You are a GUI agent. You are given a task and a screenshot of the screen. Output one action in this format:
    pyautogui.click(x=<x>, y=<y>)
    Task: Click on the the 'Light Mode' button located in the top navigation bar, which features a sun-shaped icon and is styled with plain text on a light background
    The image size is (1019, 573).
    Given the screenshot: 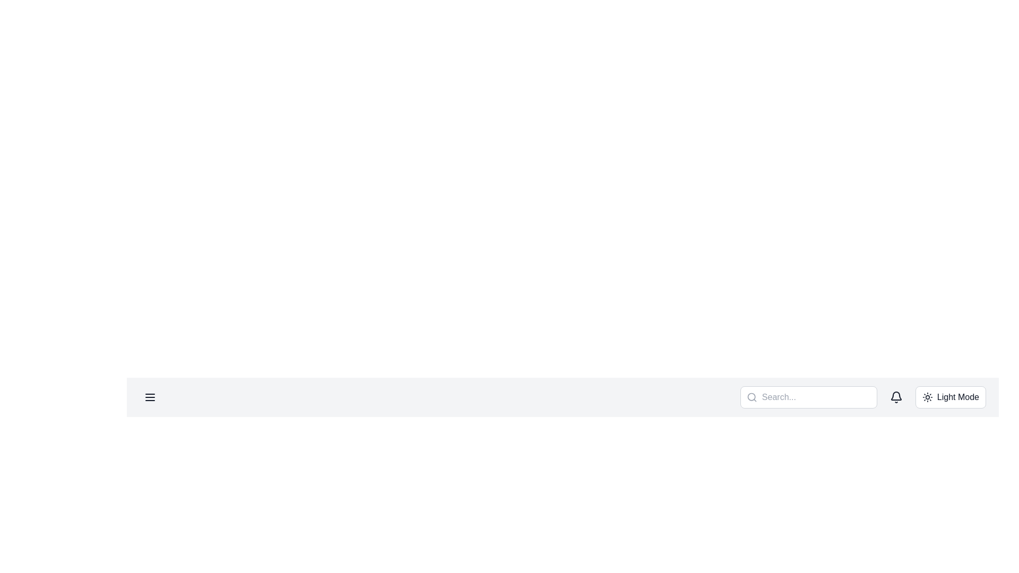 What is the action you would take?
    pyautogui.click(x=958, y=397)
    